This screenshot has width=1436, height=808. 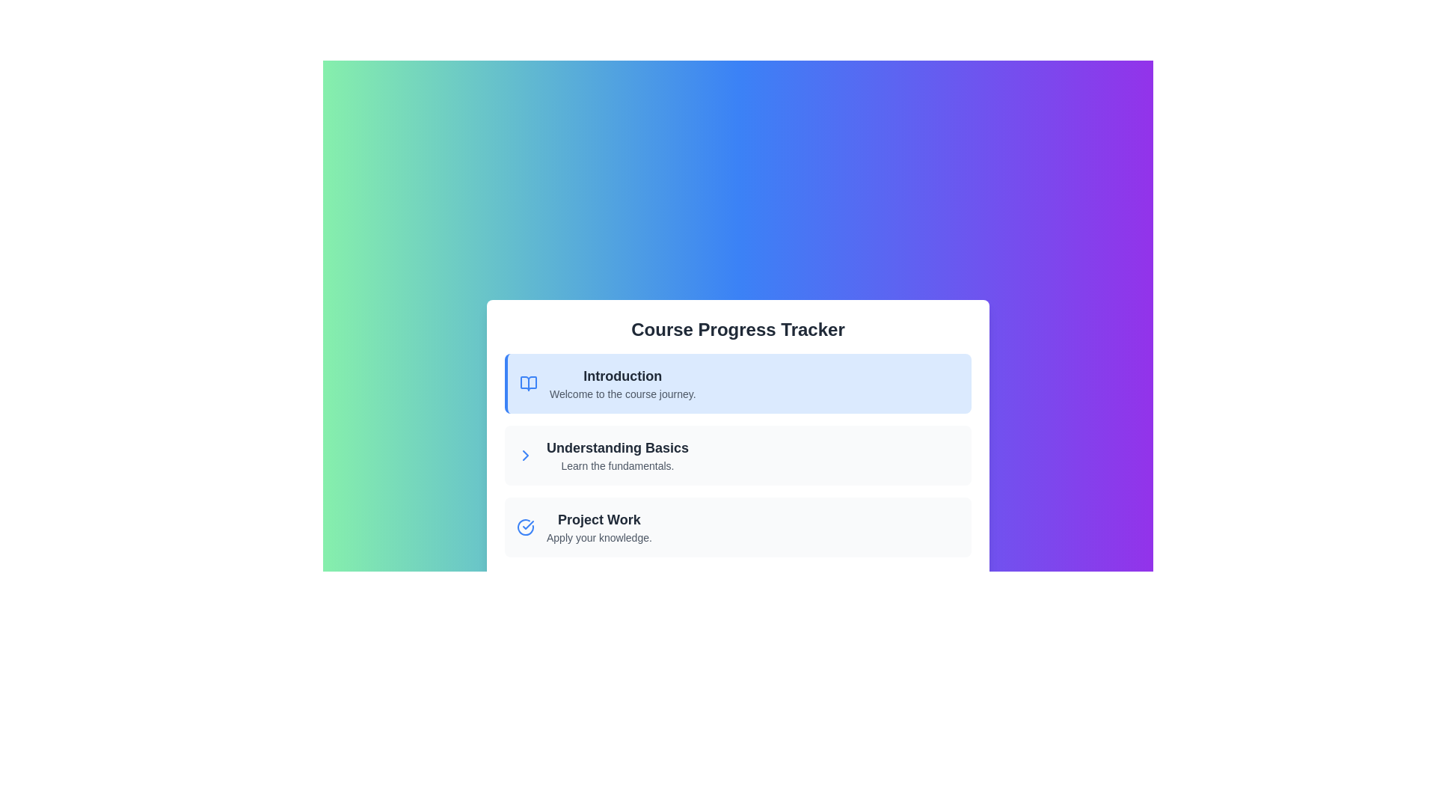 I want to click on the presence of the checkmark-shaped icon within the circular icon located at the bottom-left corner of the 'Project Work' section in the course progress tracker, so click(x=528, y=524).